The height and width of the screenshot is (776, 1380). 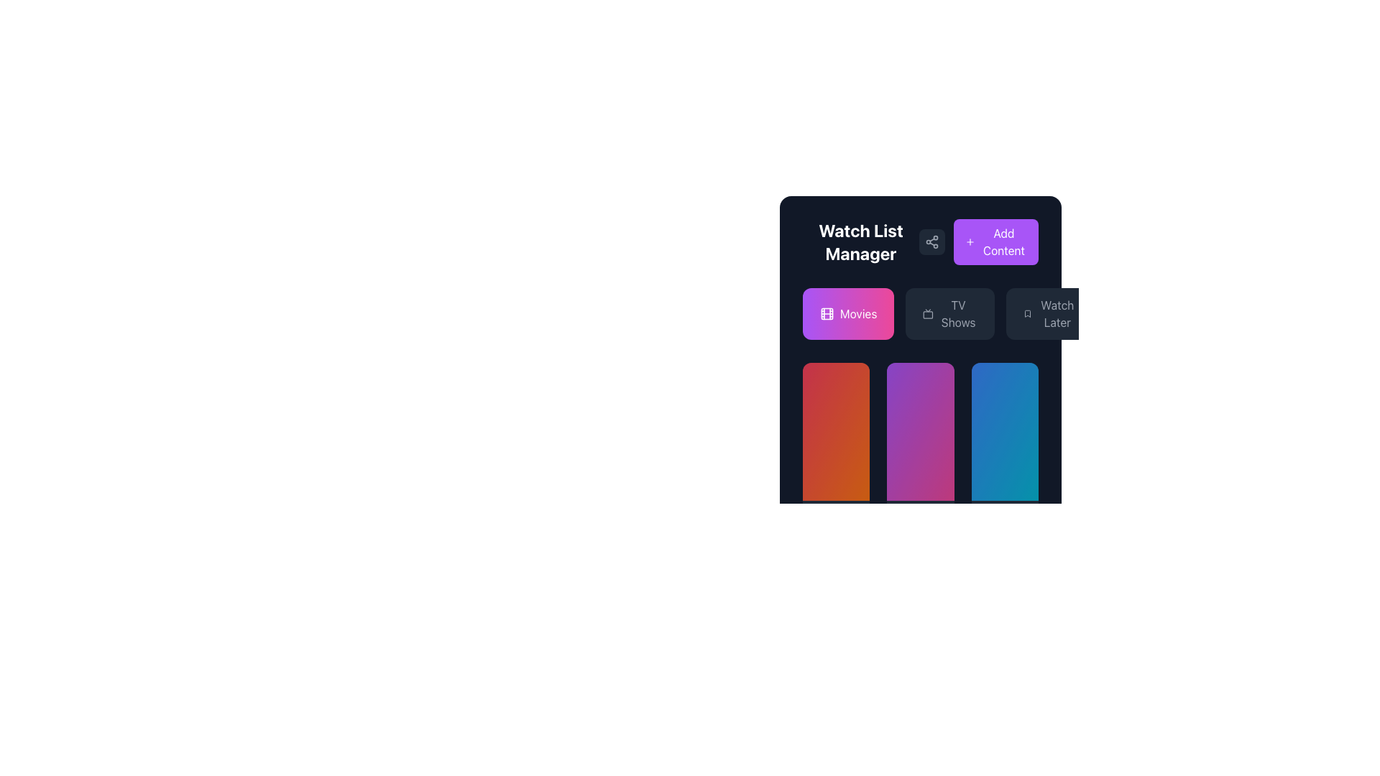 What do you see at coordinates (848, 313) in the screenshot?
I see `the first navigational button labeled 'Movies' which has a white film reel icon on the left and a gradient background transitioning from purple to pink` at bounding box center [848, 313].